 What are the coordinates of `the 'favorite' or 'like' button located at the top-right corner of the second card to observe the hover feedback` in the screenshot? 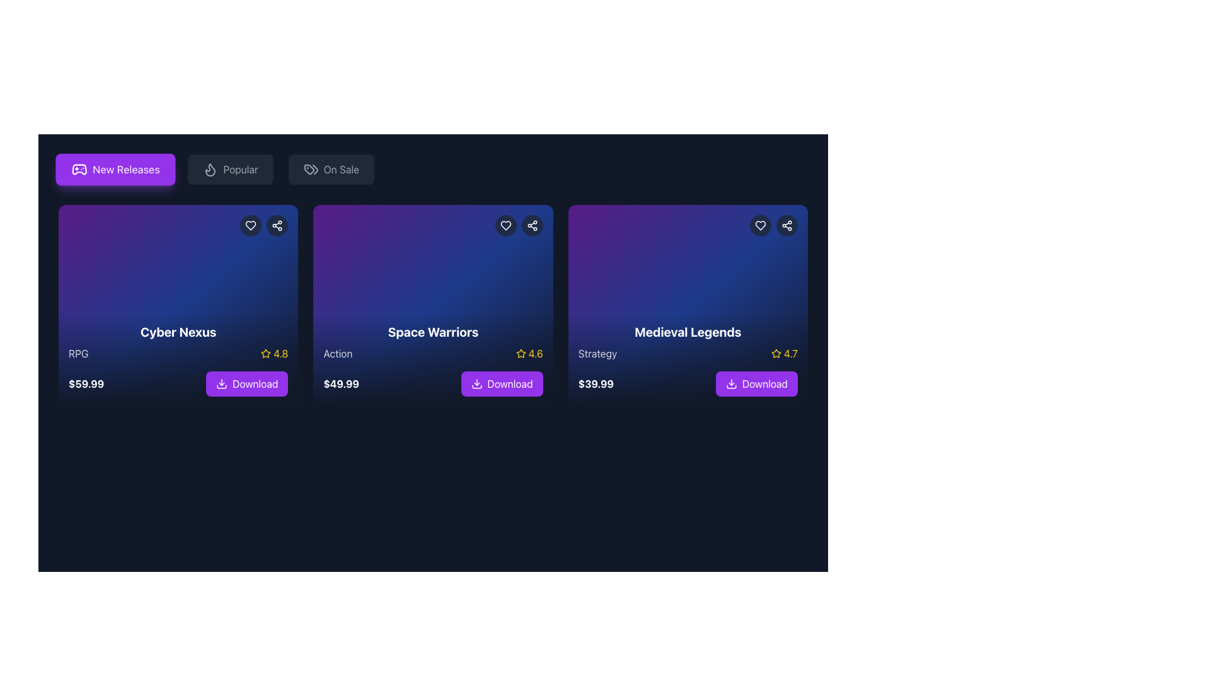 It's located at (505, 225).